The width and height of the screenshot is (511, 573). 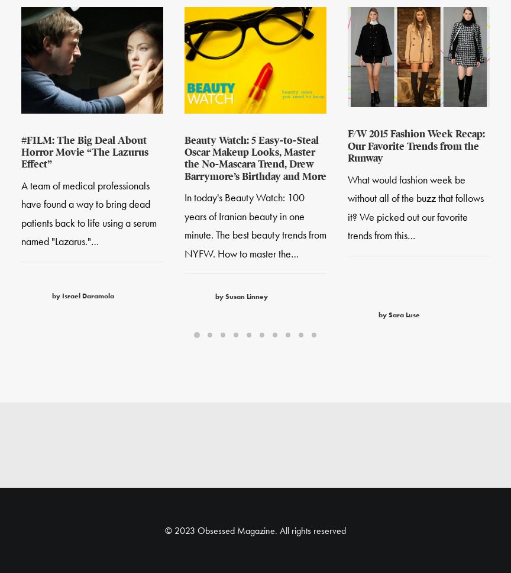 I want to click on 'Beauty Watch', so click(x=248, y=37).